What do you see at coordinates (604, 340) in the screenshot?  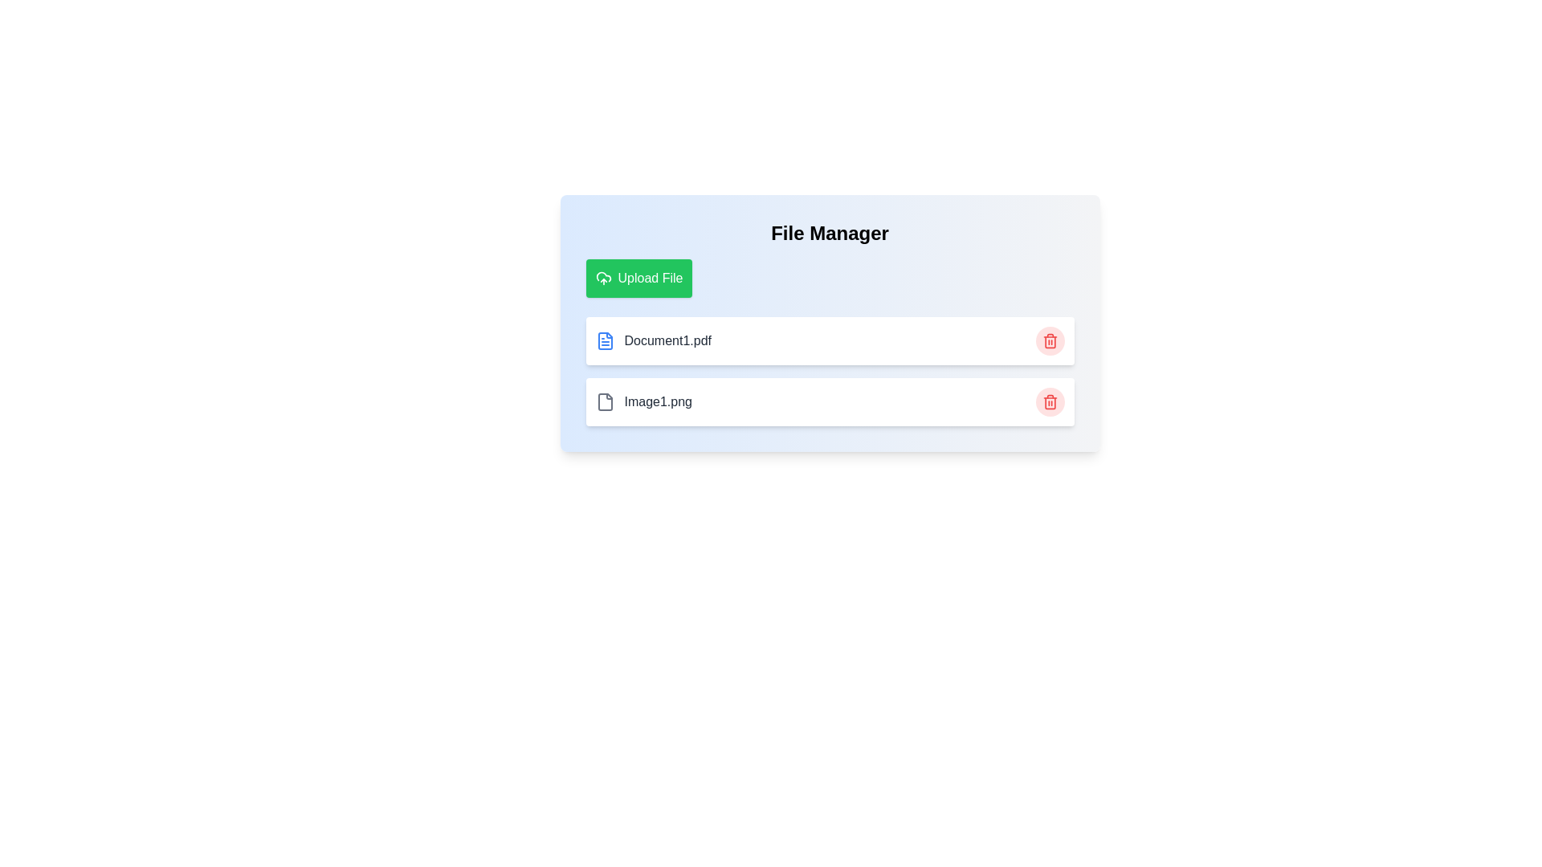 I see `the icon associated with the document file row labeled 'Document1.pdf'` at bounding box center [604, 340].